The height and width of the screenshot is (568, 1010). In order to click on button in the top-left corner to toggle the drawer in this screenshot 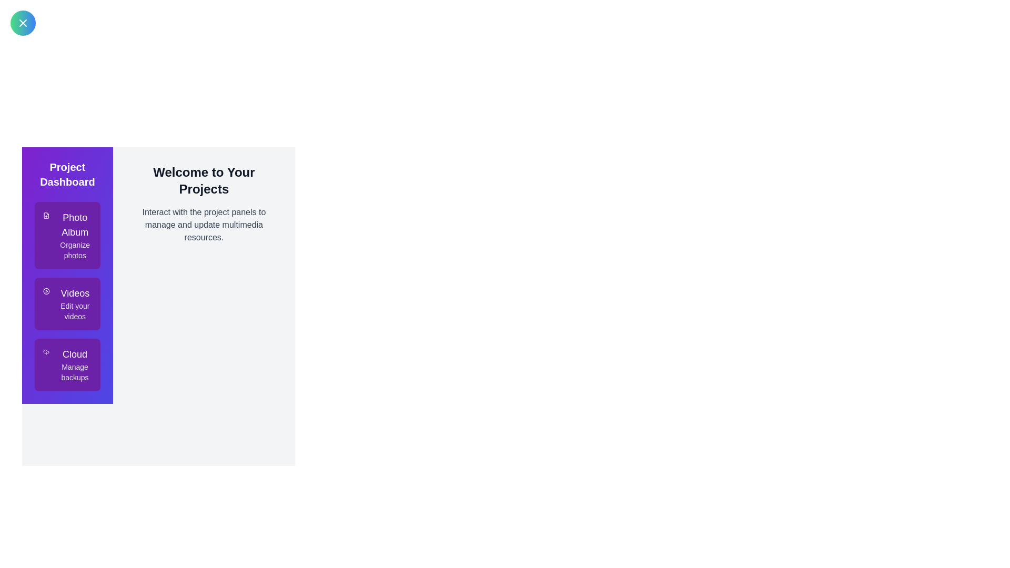, I will do `click(23, 23)`.